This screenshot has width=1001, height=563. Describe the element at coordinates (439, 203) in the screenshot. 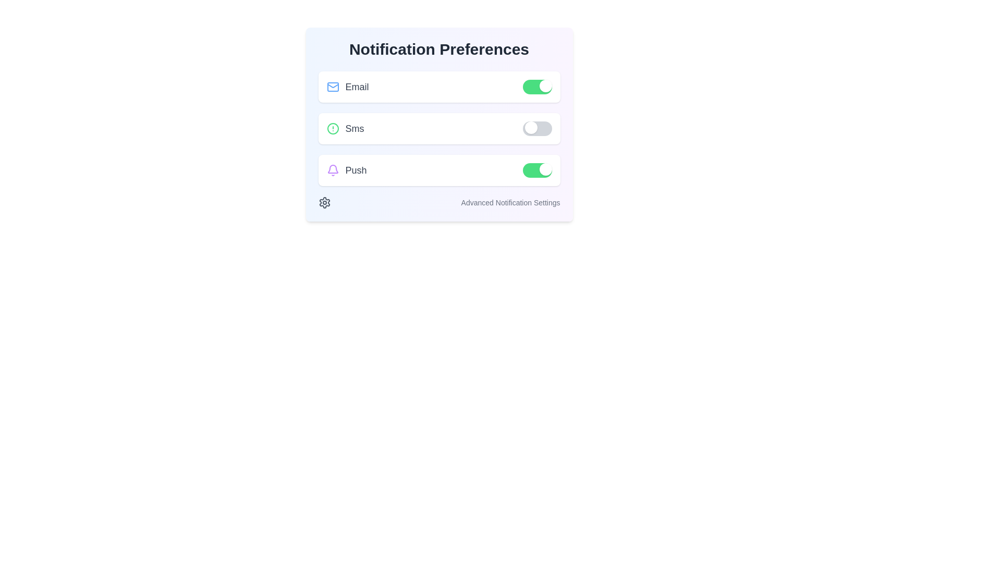

I see `the 'Advanced Notification Settings' text to navigate to further options` at that location.